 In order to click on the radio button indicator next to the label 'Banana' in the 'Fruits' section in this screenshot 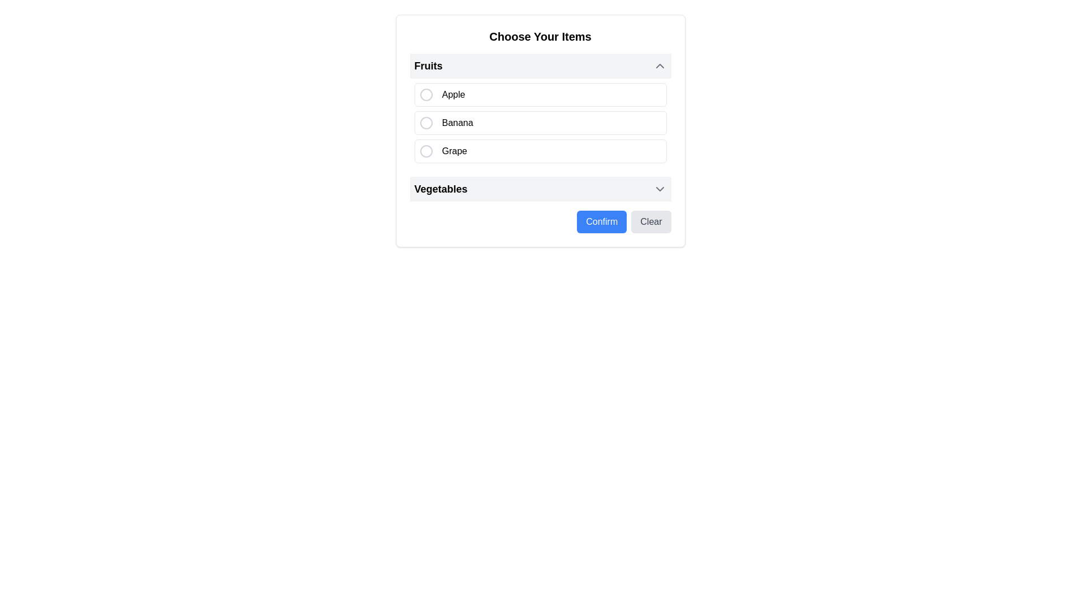, I will do `click(425, 123)`.